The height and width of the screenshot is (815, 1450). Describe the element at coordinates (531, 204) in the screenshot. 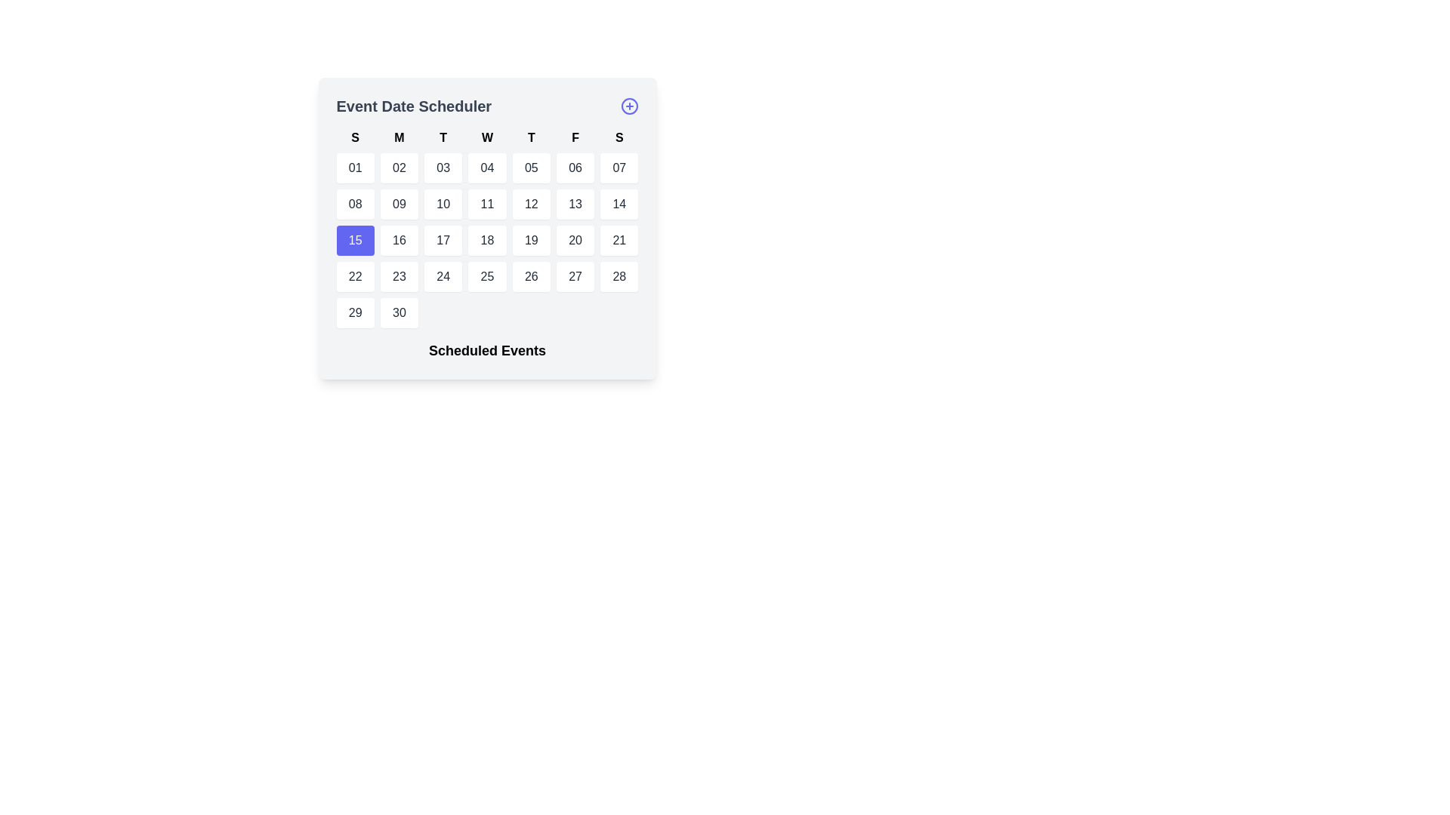

I see `the square-shaped button labeled '12' with a white background and rounded corners located in the fifth row and fifth column of the calendar interface` at that location.